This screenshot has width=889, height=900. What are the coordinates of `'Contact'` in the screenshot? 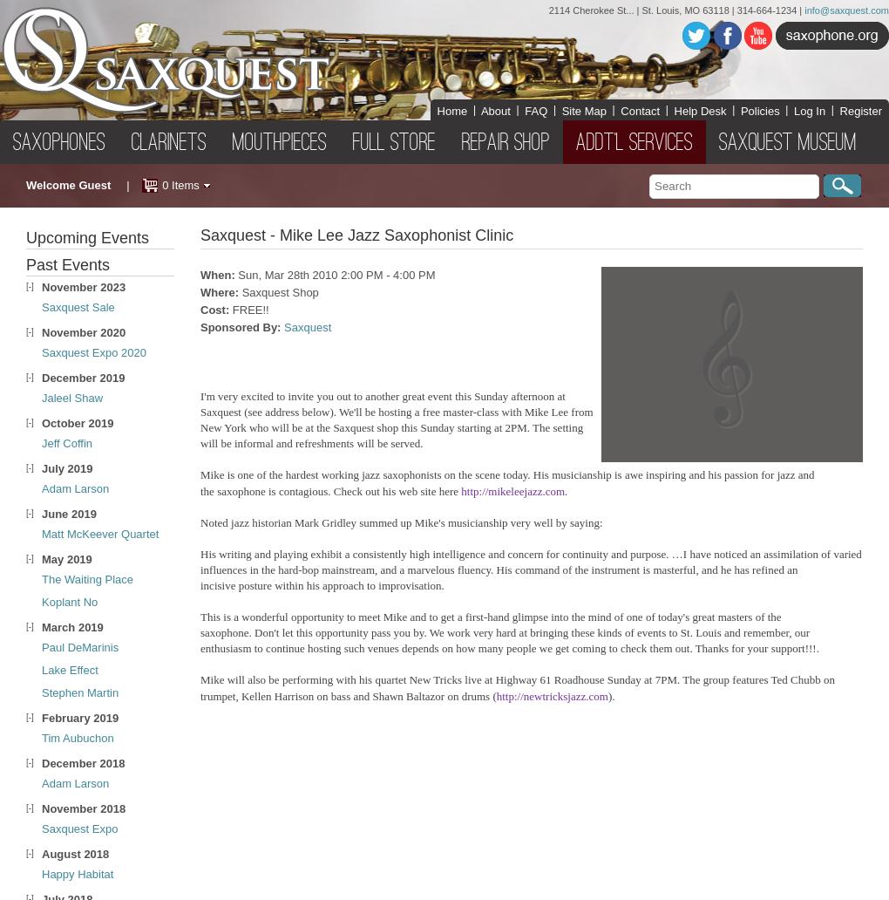 It's located at (640, 110).